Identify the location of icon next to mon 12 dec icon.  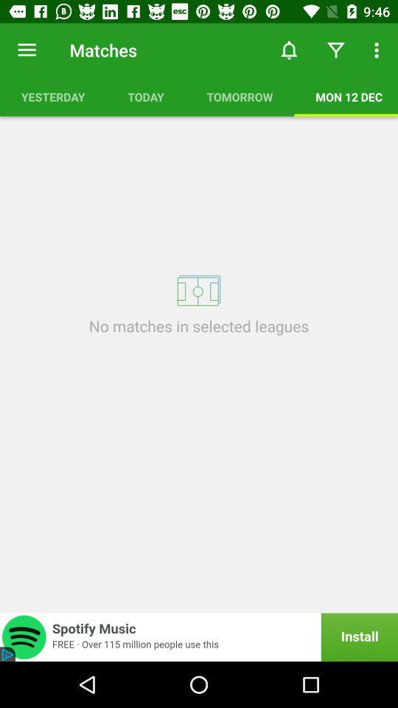
(240, 96).